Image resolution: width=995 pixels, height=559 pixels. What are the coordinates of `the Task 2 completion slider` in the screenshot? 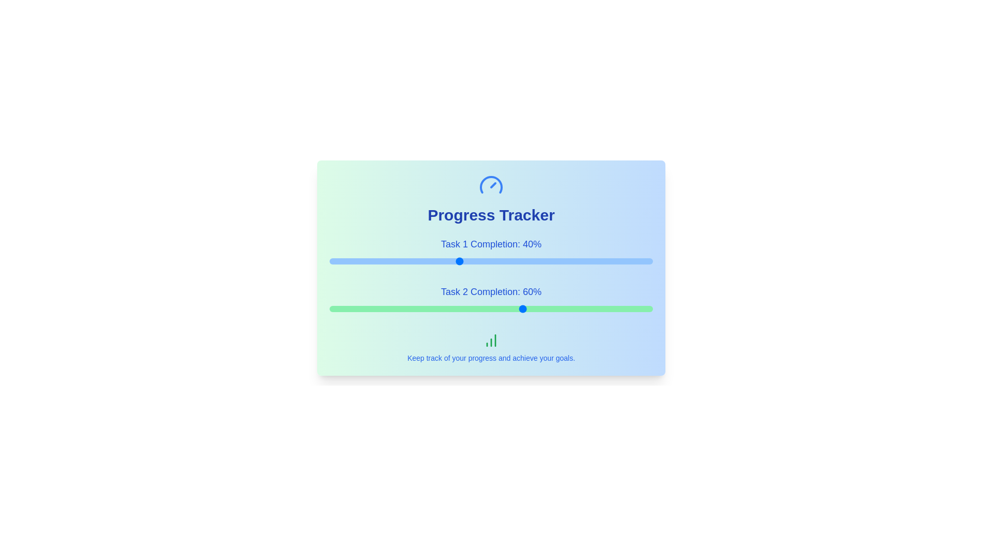 It's located at (406, 308).